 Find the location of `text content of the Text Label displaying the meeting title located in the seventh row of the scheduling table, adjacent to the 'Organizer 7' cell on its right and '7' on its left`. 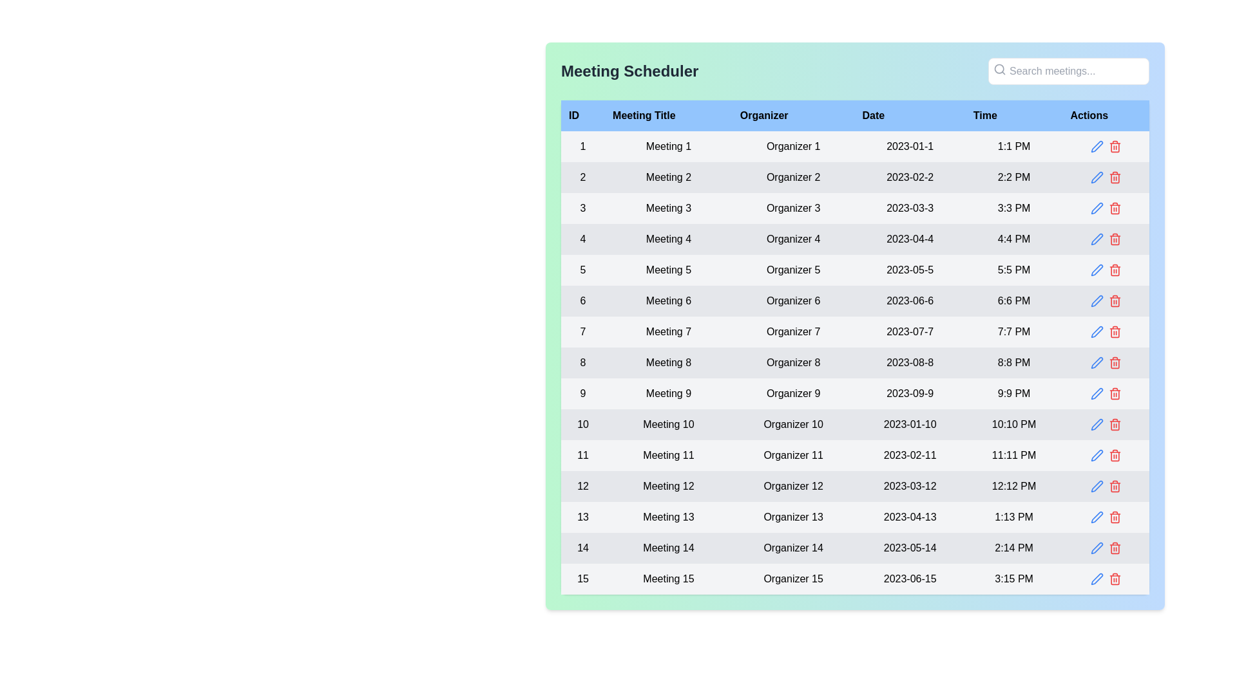

text content of the Text Label displaying the meeting title located in the seventh row of the scheduling table, adjacent to the 'Organizer 7' cell on its right and '7' on its left is located at coordinates (668, 331).